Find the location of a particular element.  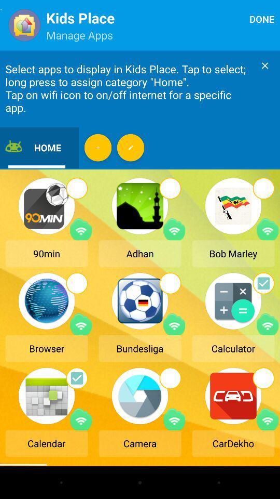

wifi icon is located at coordinates (80, 229).